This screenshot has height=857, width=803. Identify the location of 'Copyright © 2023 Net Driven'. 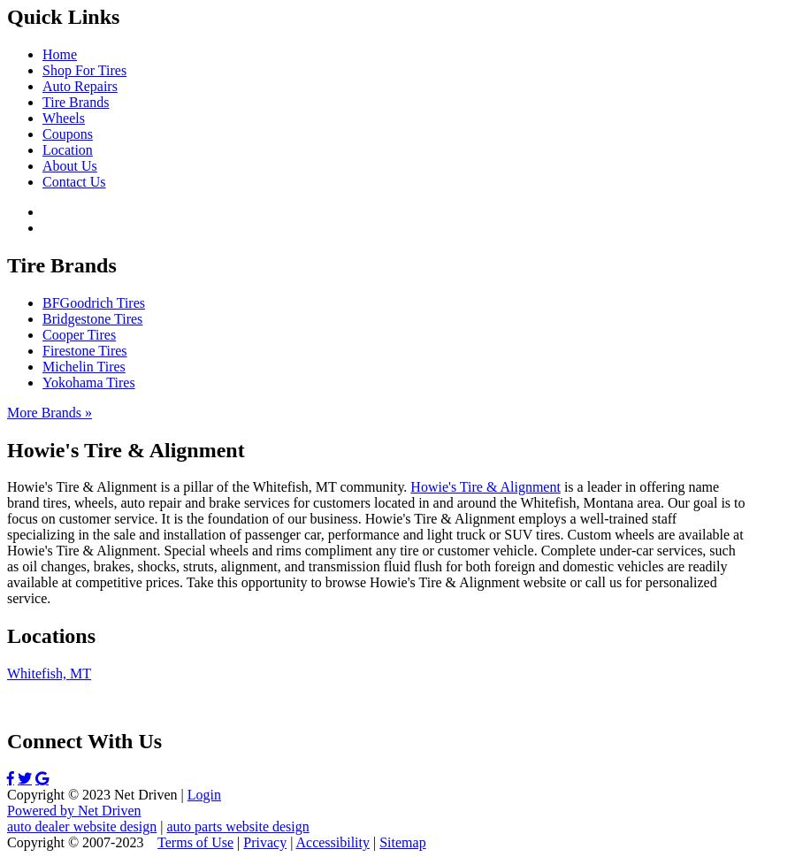
(90, 794).